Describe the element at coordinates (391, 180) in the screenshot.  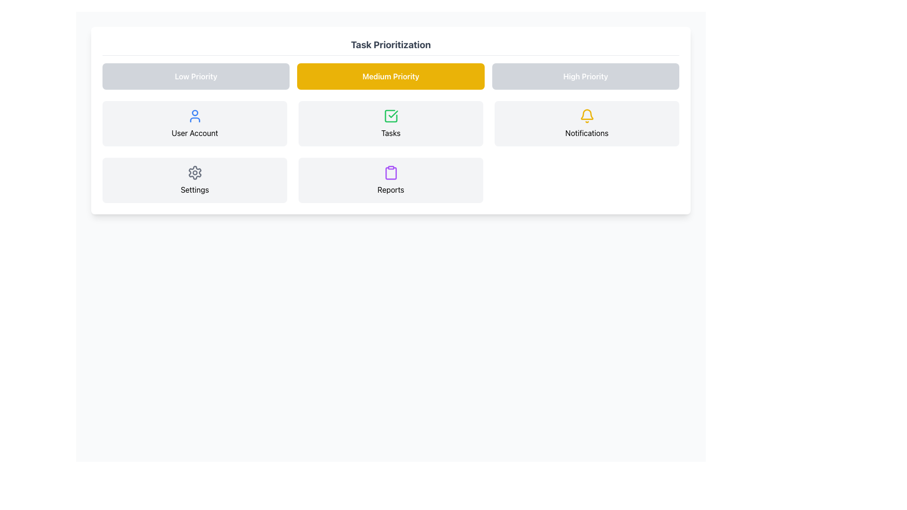
I see `the 'Reports' button, which is a rectangular component with a white background and rounded corners, featuring a purple clipboard icon and the text 'Reports' in black font, located at the bottom-middle position of the grid layout` at that location.